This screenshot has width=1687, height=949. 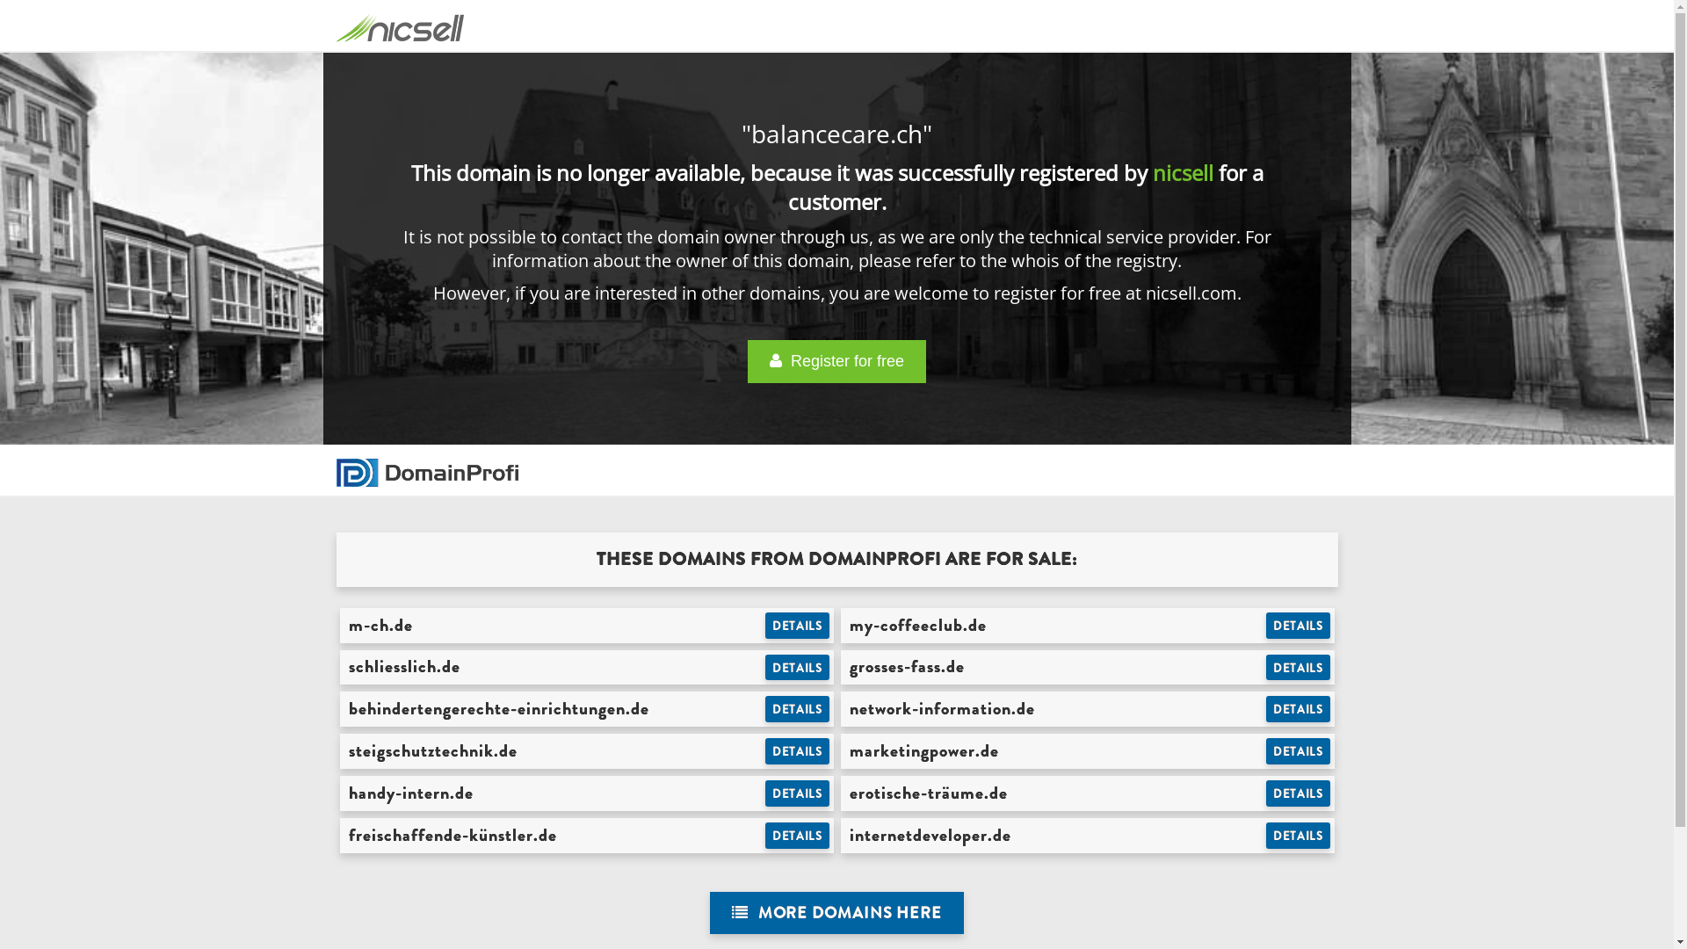 What do you see at coordinates (796, 625) in the screenshot?
I see `'DETAILS'` at bounding box center [796, 625].